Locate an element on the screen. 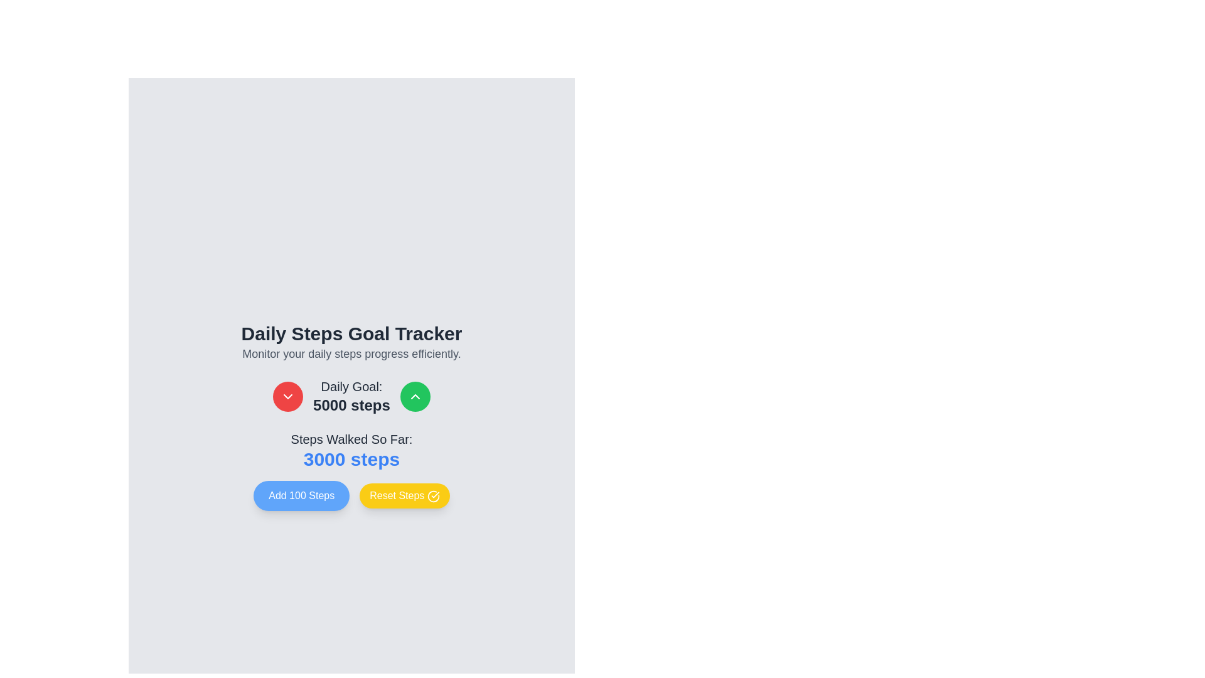  the yellow 'Reset Steps' button with rounded edges, which contains white text and a checkmark icon is located at coordinates (404, 495).